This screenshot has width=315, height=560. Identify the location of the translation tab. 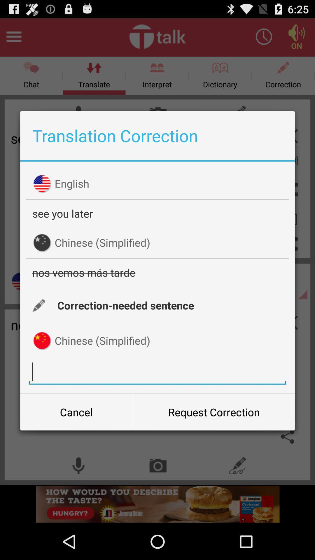
(157, 371).